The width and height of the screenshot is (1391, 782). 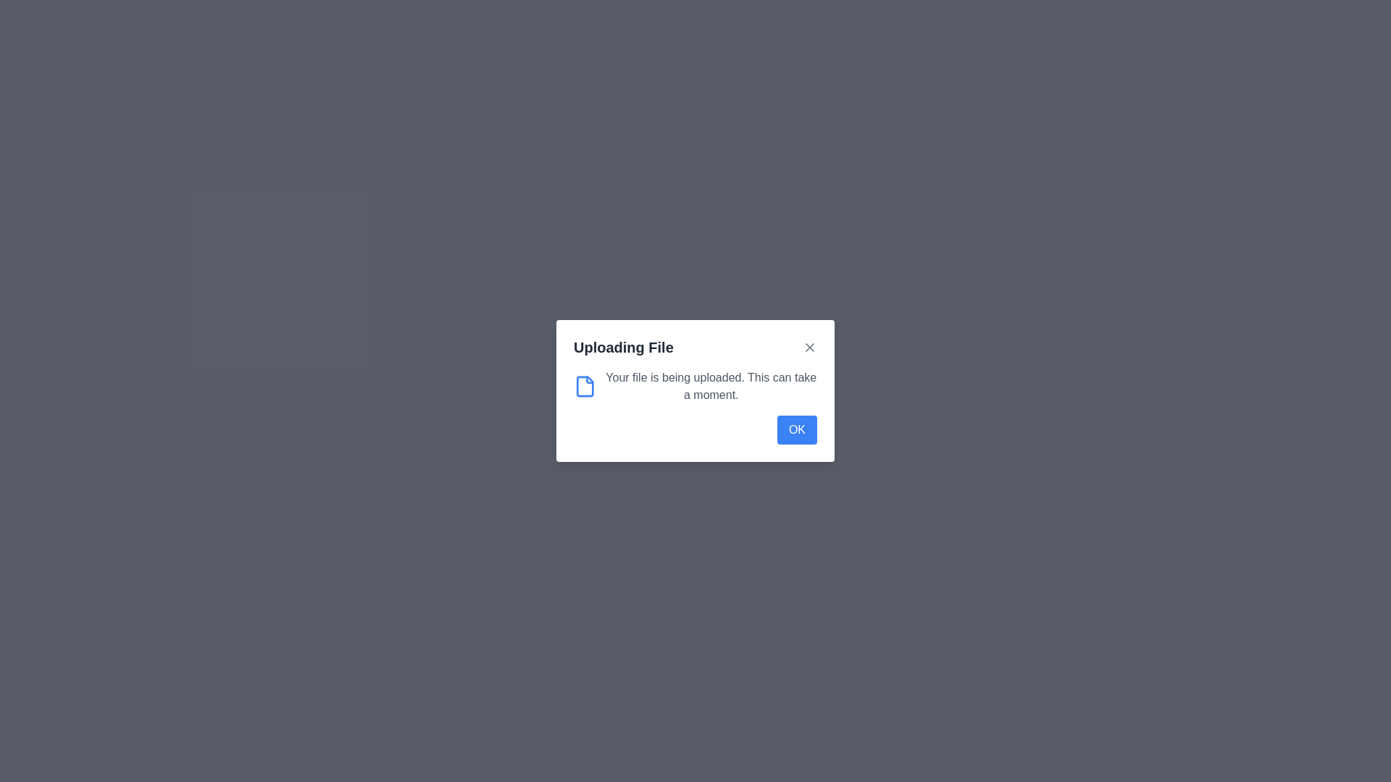 I want to click on the diagonal line segment of the 'X' icon located at the top-right corner of the modal dialogue, so click(x=809, y=347).